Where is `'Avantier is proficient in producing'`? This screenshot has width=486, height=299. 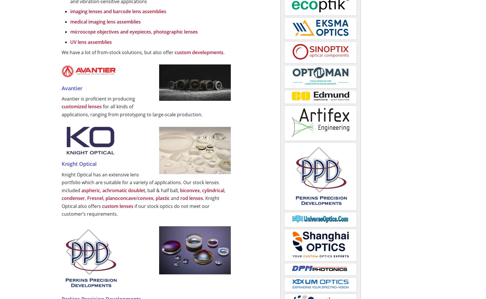
'Avantier is proficient in producing' is located at coordinates (61, 98).